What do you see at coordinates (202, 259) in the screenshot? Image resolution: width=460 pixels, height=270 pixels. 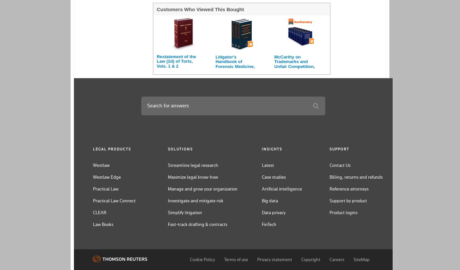 I see `'Cookie Policy'` at bounding box center [202, 259].